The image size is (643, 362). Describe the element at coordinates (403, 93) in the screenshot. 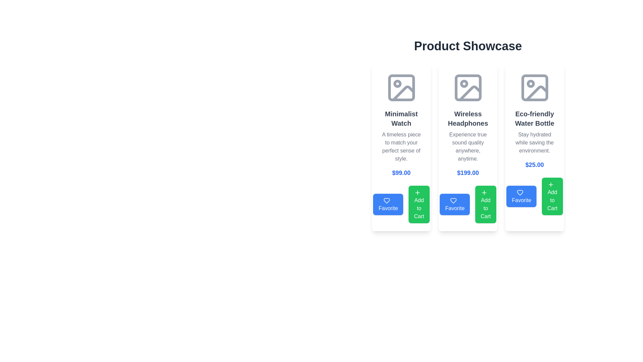

I see `the vector graphic representing a simplified mountainous shape with a dot inside, located in the leftmost card of the product showcase section` at that location.